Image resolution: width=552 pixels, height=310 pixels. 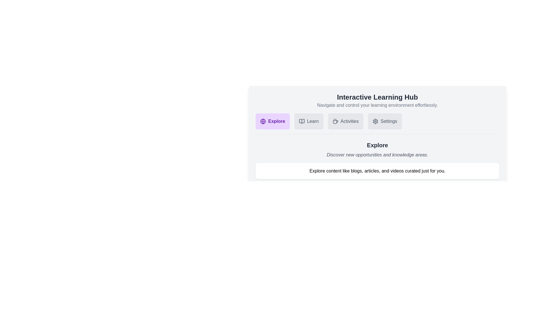 What do you see at coordinates (377, 102) in the screenshot?
I see `the 'Interactive Learning Hub' text block` at bounding box center [377, 102].